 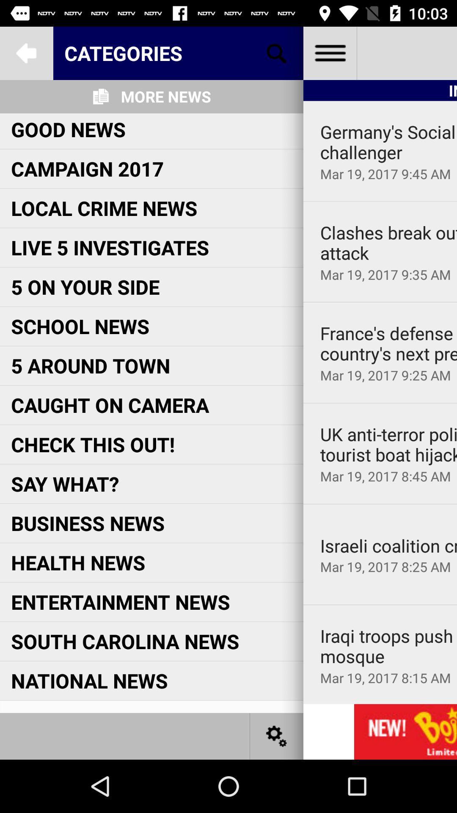 I want to click on the menu icon, so click(x=329, y=53).